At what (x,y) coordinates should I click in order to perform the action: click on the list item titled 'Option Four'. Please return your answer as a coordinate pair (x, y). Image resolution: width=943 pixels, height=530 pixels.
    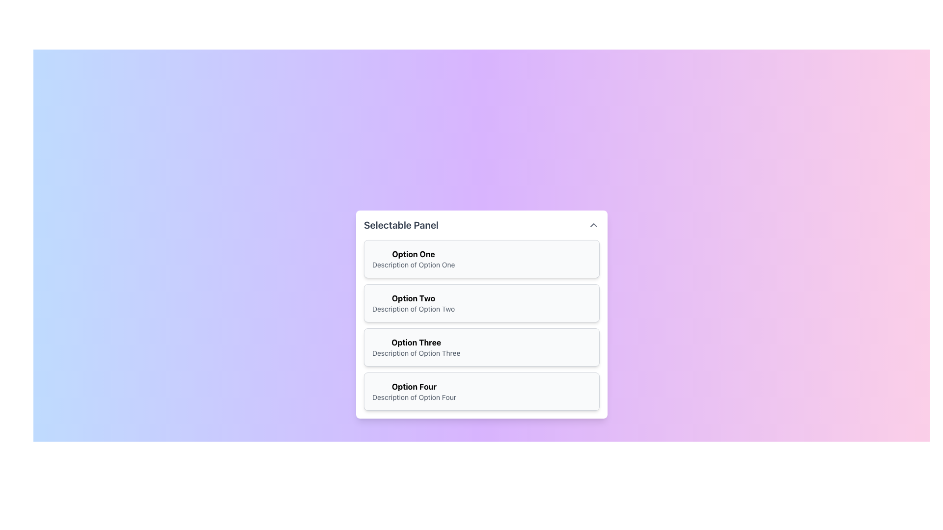
    Looking at the image, I should click on (414, 391).